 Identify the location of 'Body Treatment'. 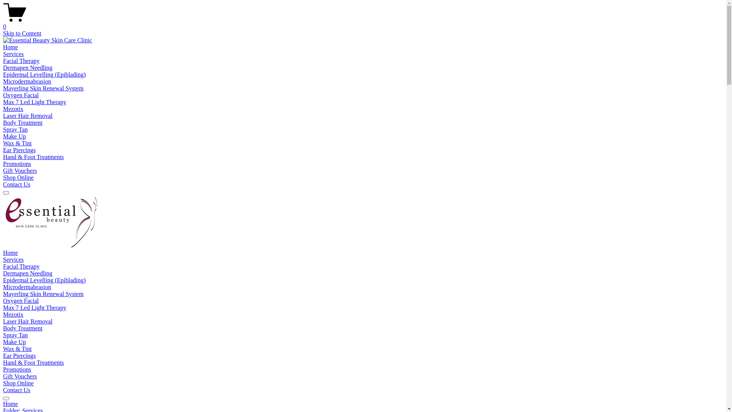
(22, 122).